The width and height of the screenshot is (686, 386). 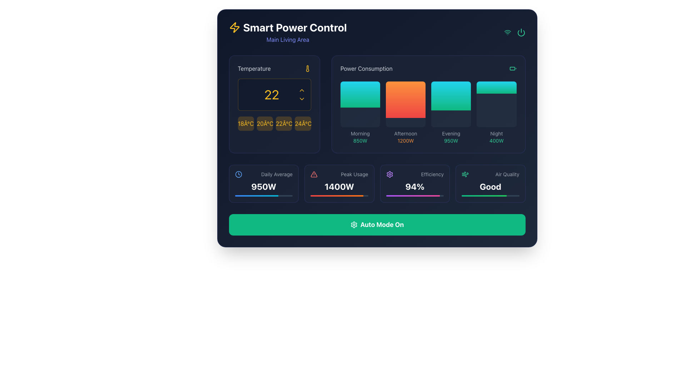 I want to click on the text label displaying 'Good' in the 'Air Quality' section, which is styled in a large bold white font on a dark background, so click(x=490, y=186).